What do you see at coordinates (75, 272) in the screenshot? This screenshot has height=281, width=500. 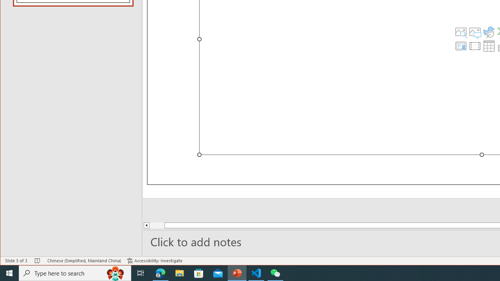 I see `'Type here to search'` at bounding box center [75, 272].